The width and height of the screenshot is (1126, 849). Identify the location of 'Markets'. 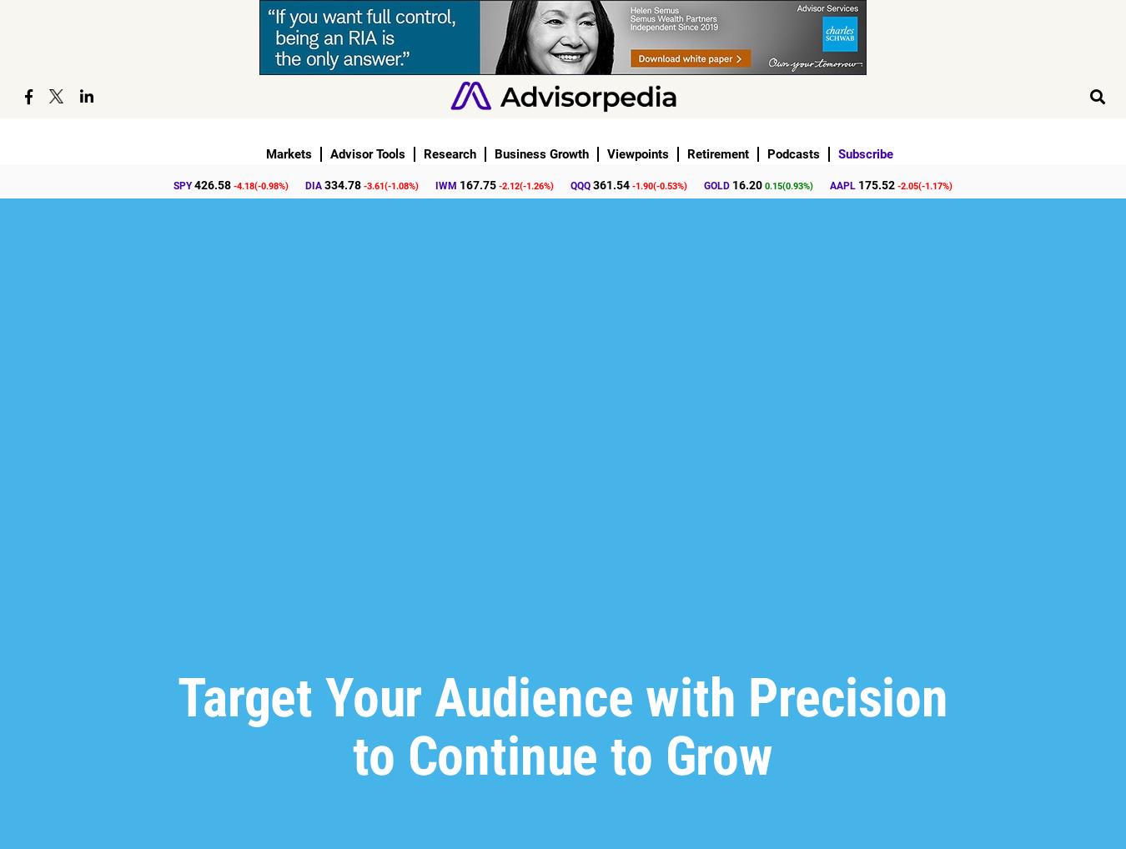
(265, 153).